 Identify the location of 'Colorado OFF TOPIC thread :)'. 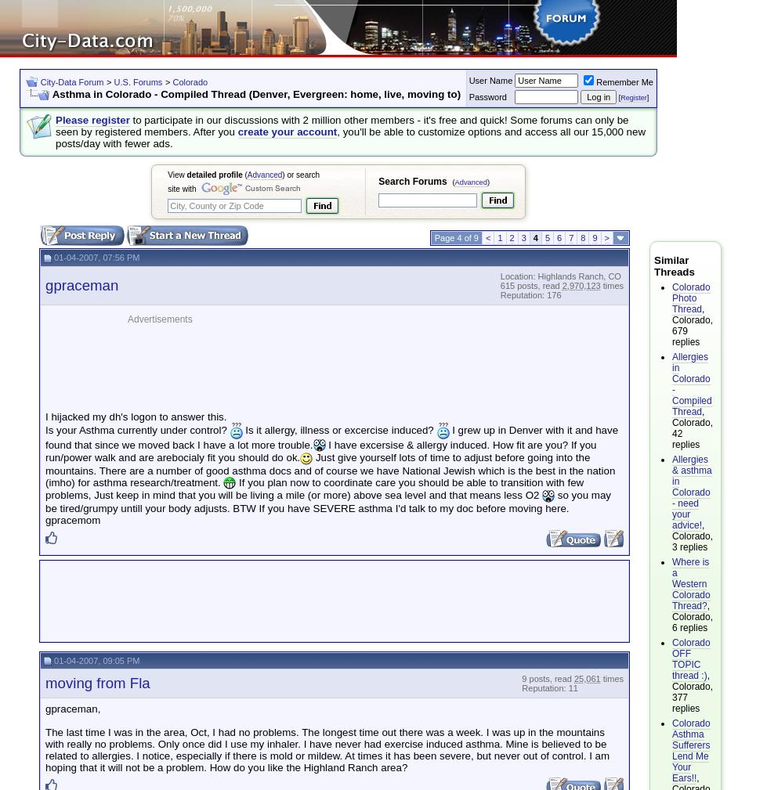
(689, 659).